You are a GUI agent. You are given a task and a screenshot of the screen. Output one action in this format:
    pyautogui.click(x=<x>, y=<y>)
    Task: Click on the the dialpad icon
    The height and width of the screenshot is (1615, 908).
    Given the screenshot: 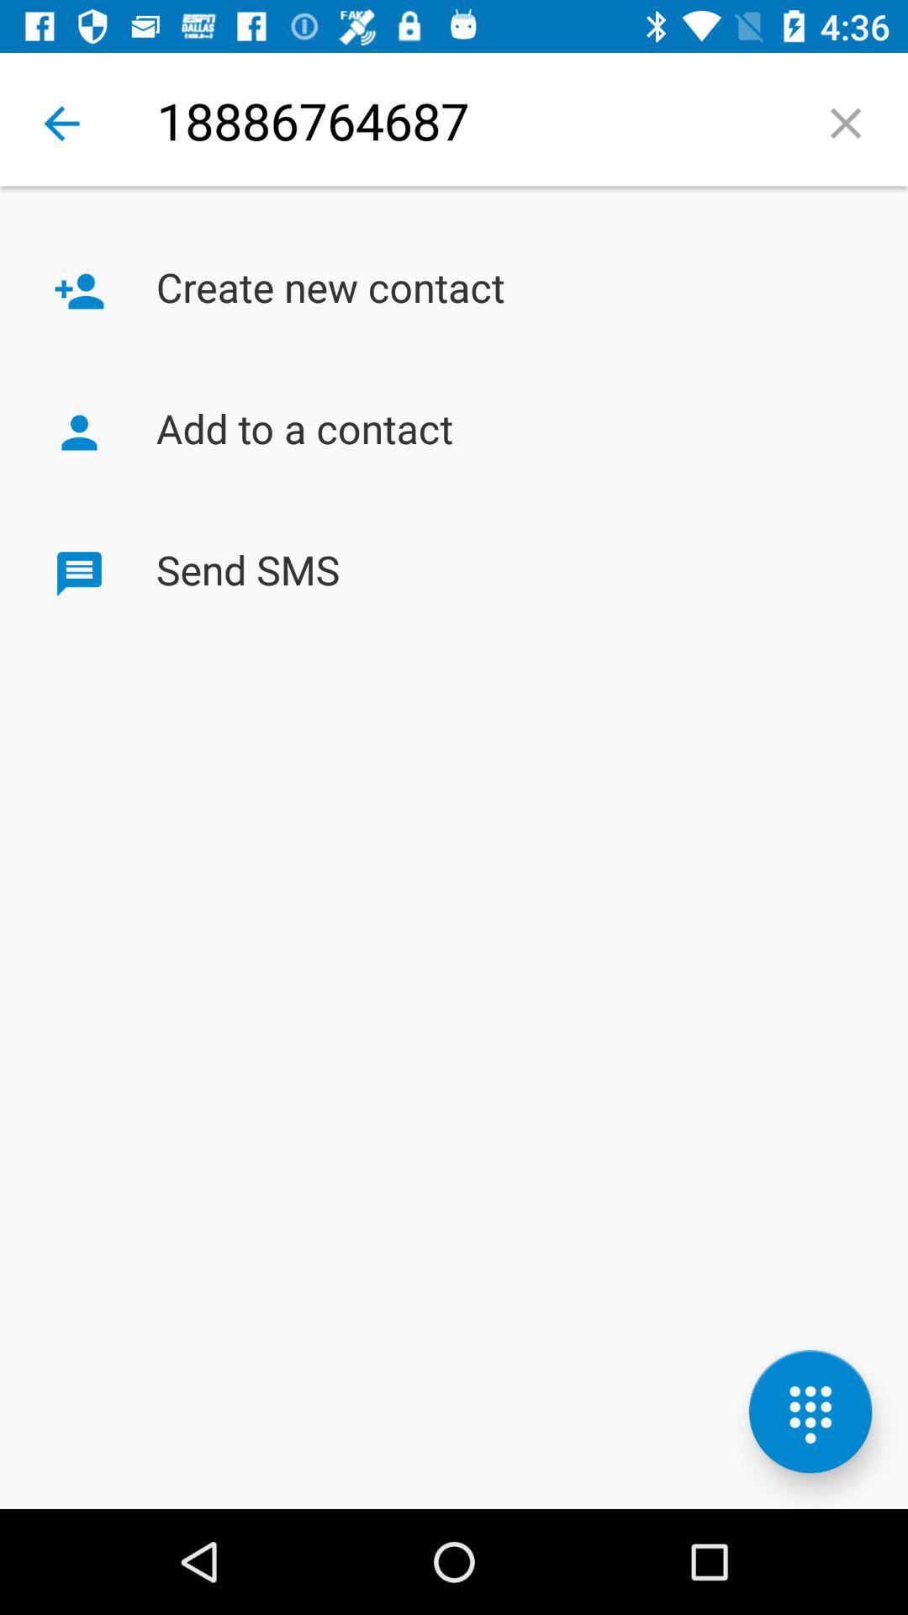 What is the action you would take?
    pyautogui.click(x=810, y=1411)
    